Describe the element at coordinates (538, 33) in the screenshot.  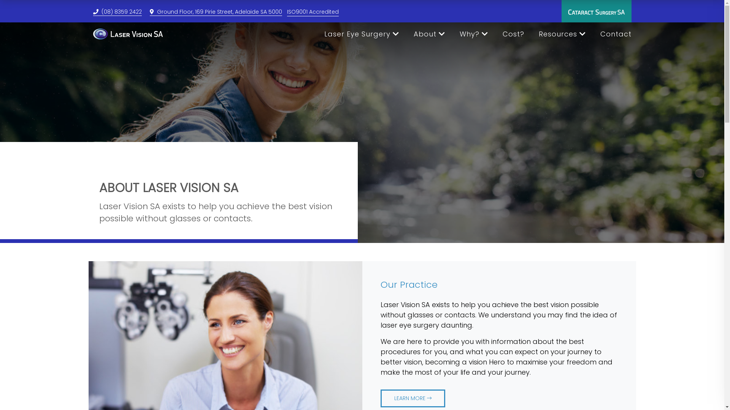
I see `'Resources'` at that location.